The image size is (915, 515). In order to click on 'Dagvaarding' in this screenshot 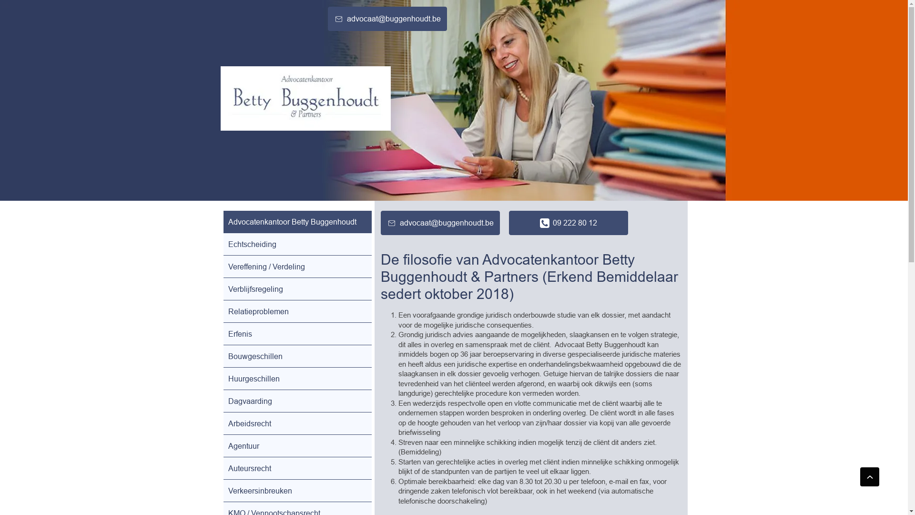, I will do `click(296, 401)`.